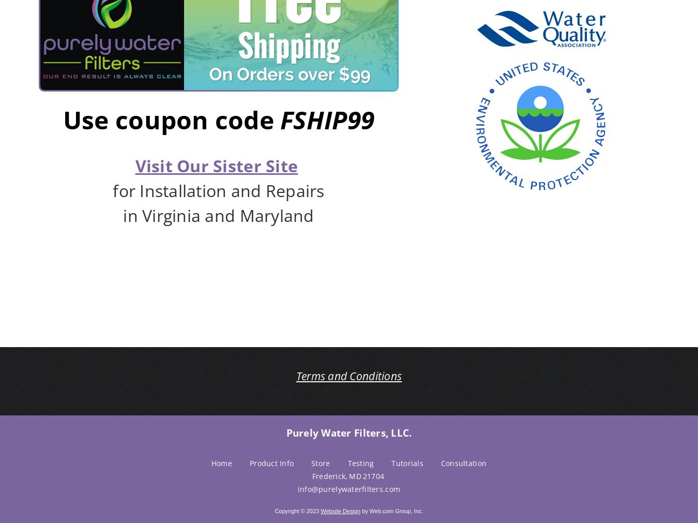 Image resolution: width=698 pixels, height=523 pixels. I want to click on 'Home', so click(221, 462).